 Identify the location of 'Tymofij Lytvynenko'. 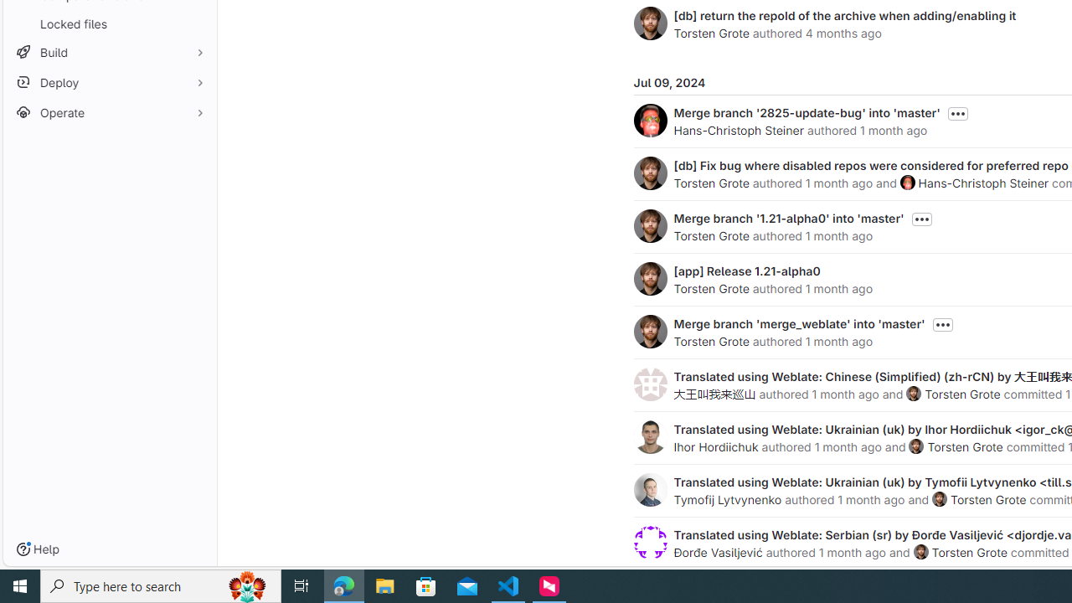
(728, 498).